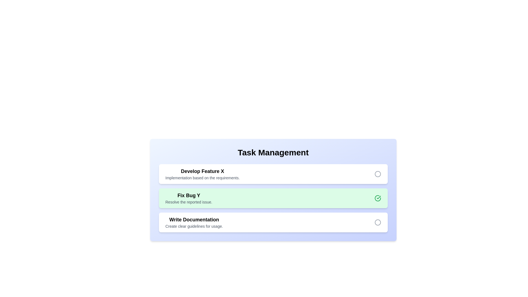  What do you see at coordinates (377, 222) in the screenshot?
I see `the task completion icon of the task titled 'Write Documentation' to toggle its completion status` at bounding box center [377, 222].